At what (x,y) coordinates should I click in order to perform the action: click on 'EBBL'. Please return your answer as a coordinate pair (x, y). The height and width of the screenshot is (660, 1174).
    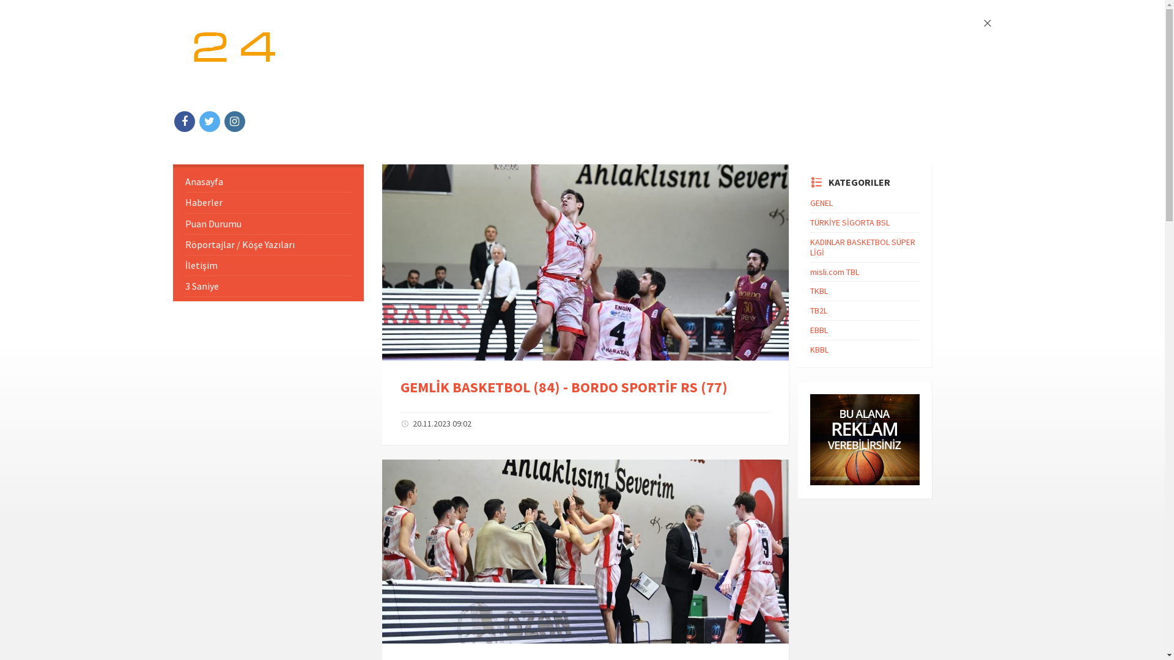
    Looking at the image, I should click on (819, 330).